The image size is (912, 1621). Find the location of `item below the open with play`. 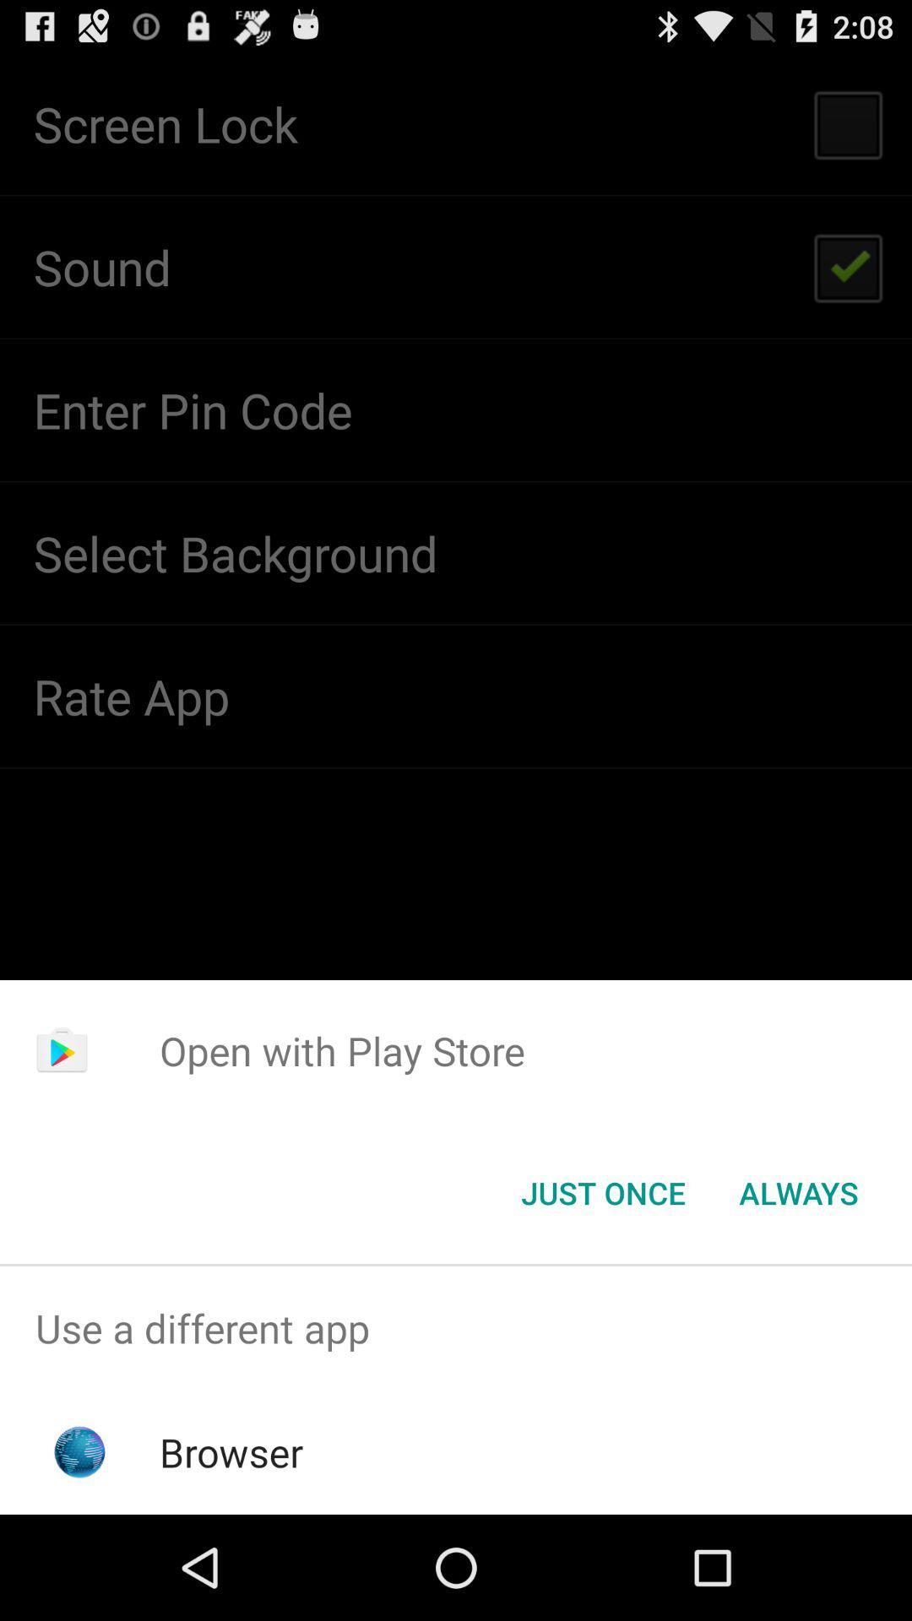

item below the open with play is located at coordinates (798, 1191).